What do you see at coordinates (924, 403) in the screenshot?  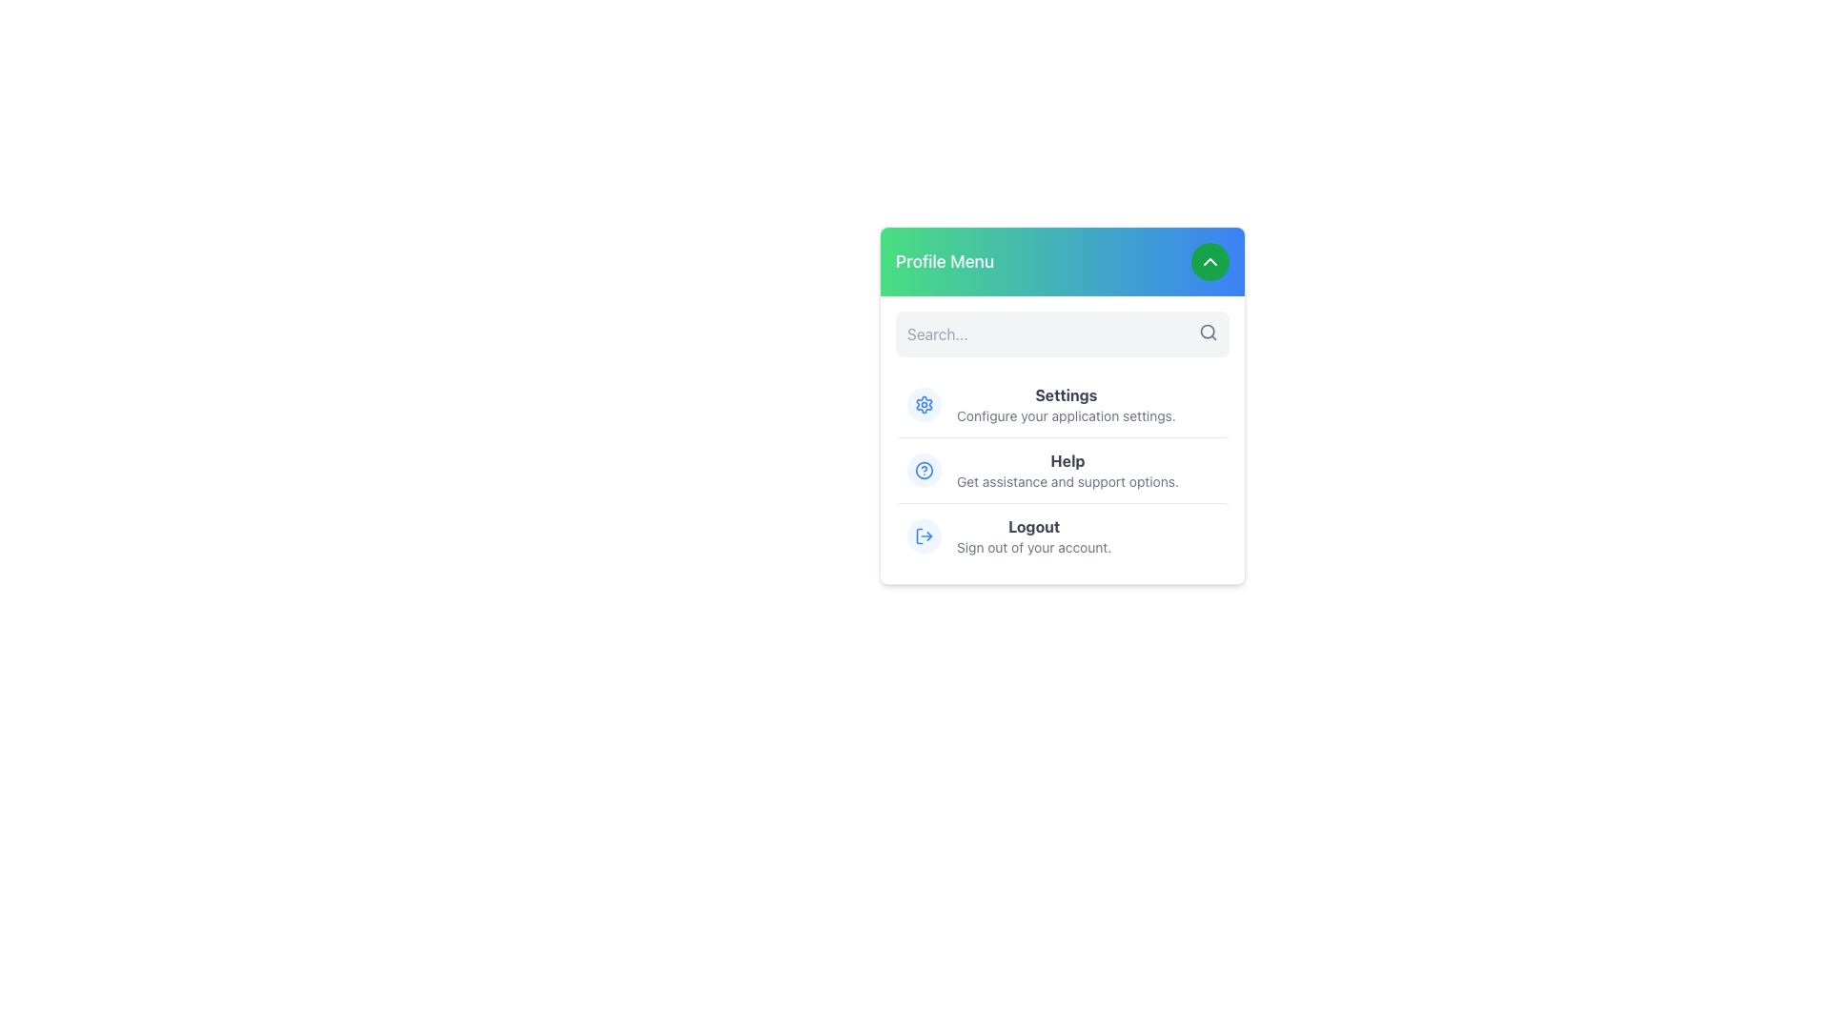 I see `the 'Settings' icon located` at bounding box center [924, 403].